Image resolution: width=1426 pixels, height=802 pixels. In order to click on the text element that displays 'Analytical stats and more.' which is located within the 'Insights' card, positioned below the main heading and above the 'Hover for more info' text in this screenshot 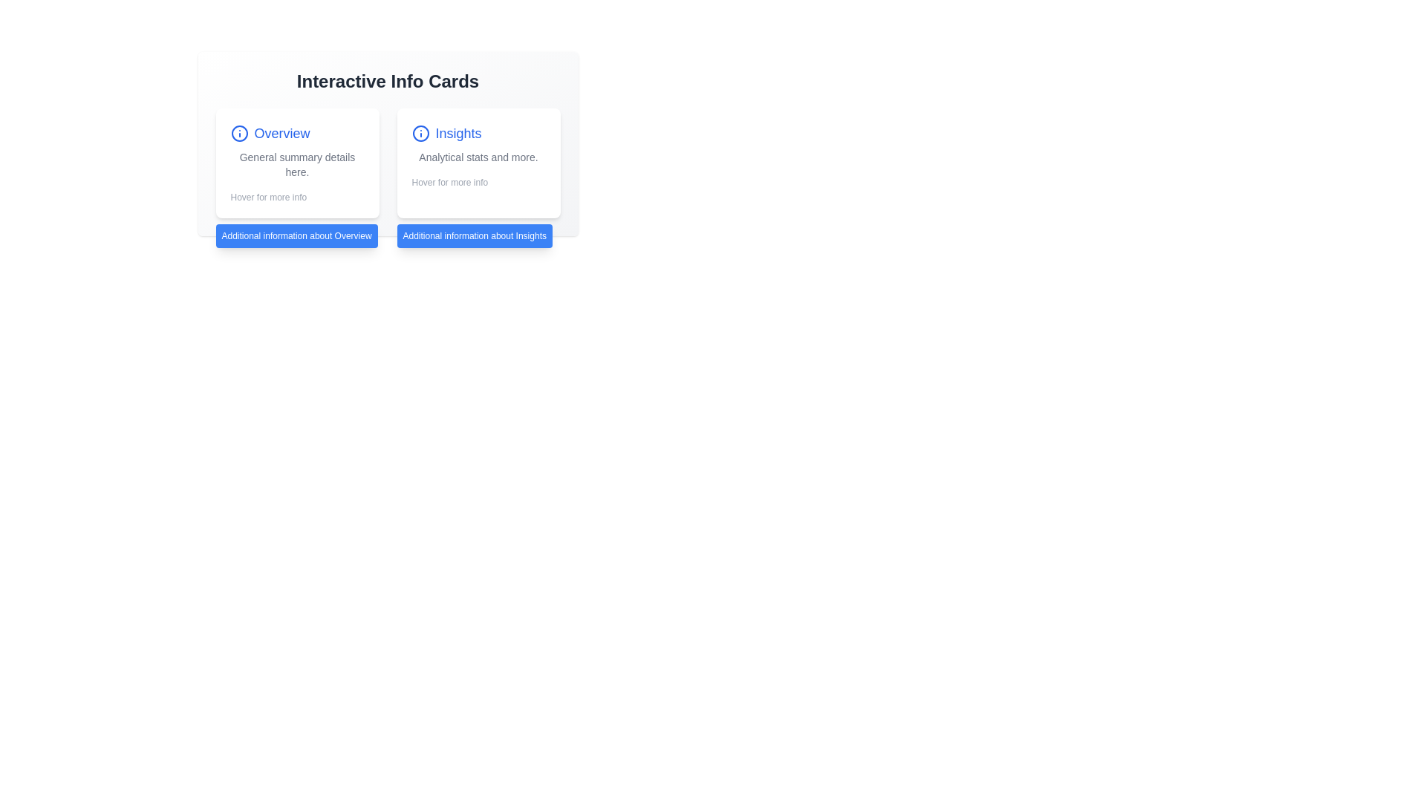, I will do `click(478, 157)`.